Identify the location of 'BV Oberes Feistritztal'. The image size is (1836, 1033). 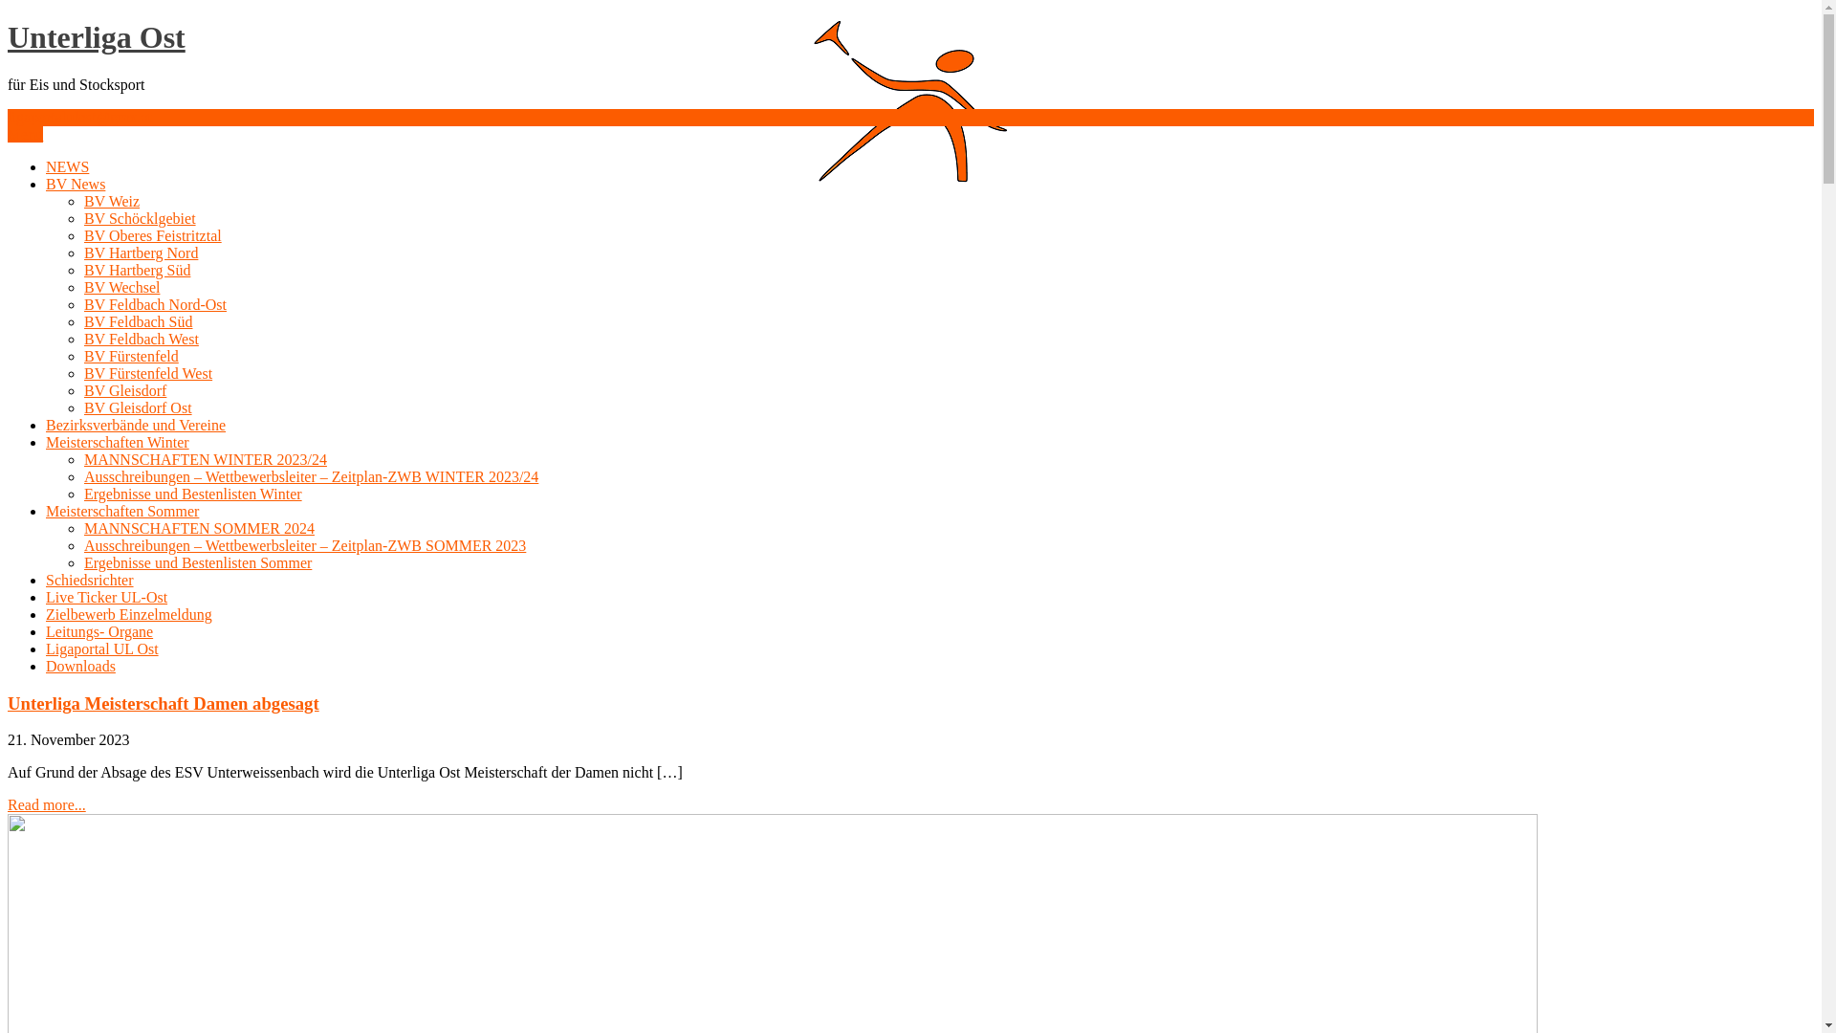
(151, 234).